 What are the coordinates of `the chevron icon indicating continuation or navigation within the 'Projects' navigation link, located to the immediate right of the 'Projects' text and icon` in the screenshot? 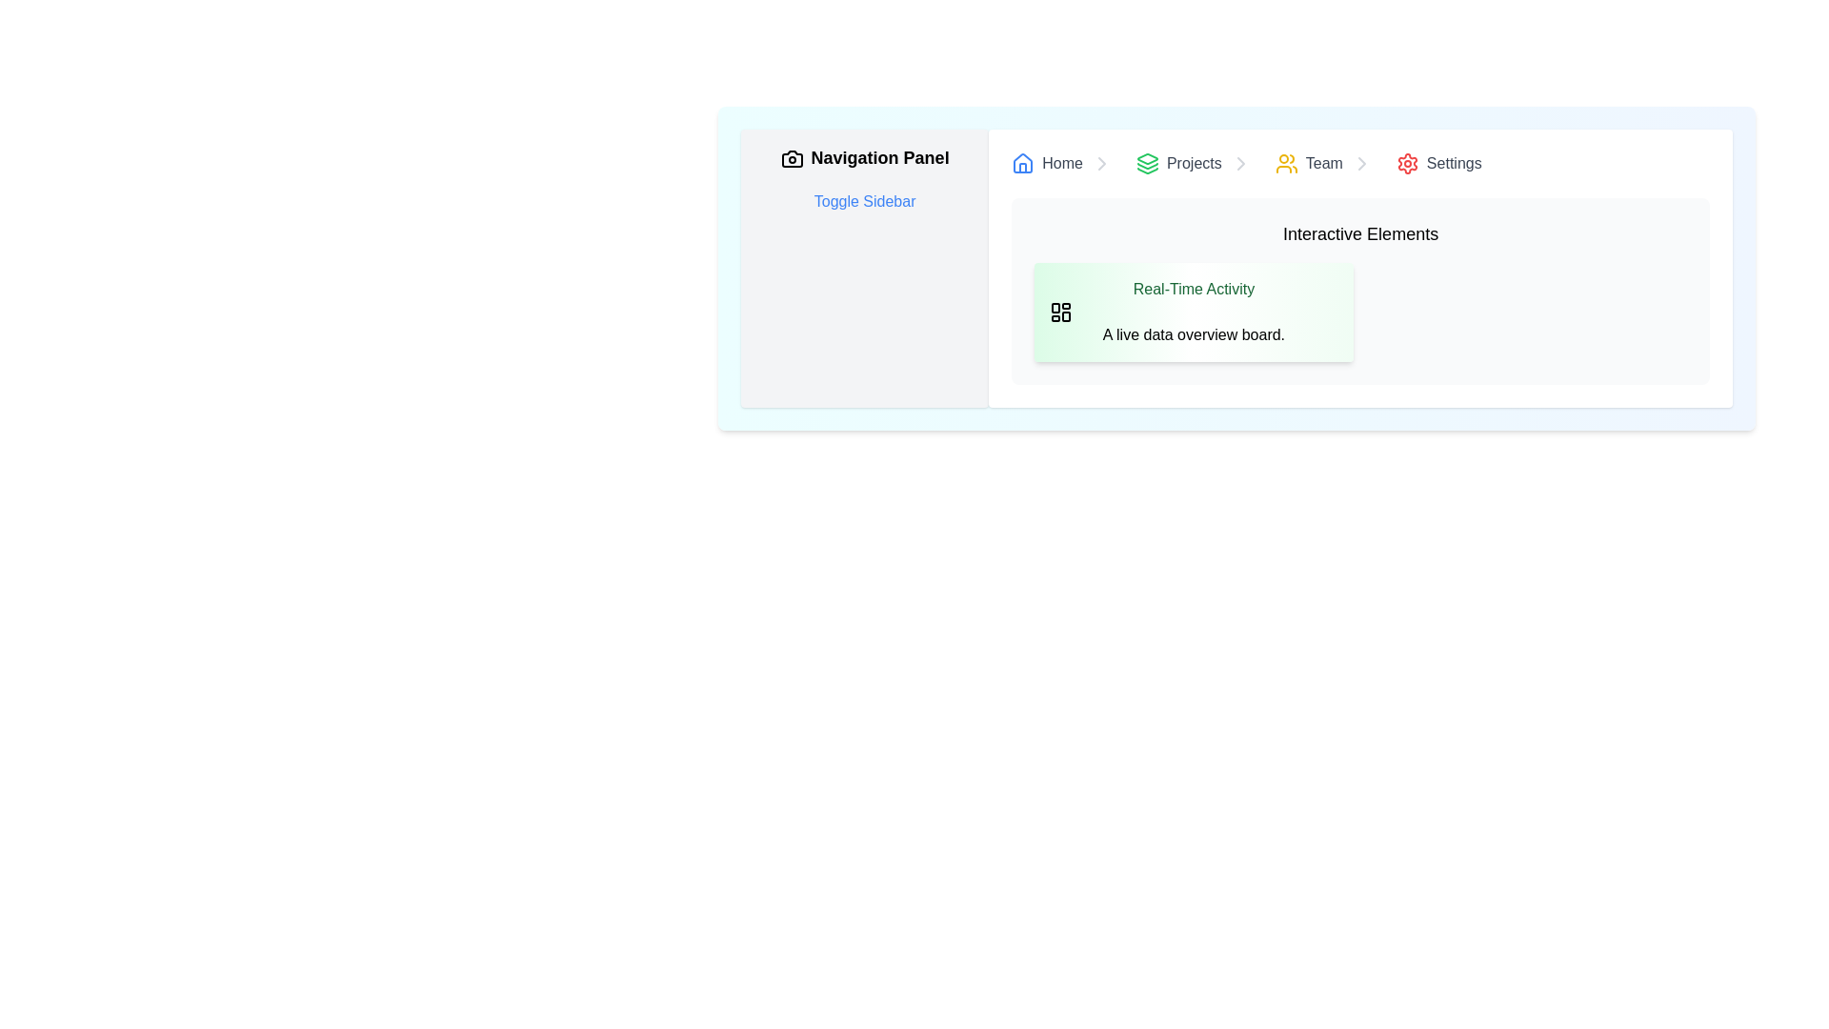 It's located at (1240, 163).